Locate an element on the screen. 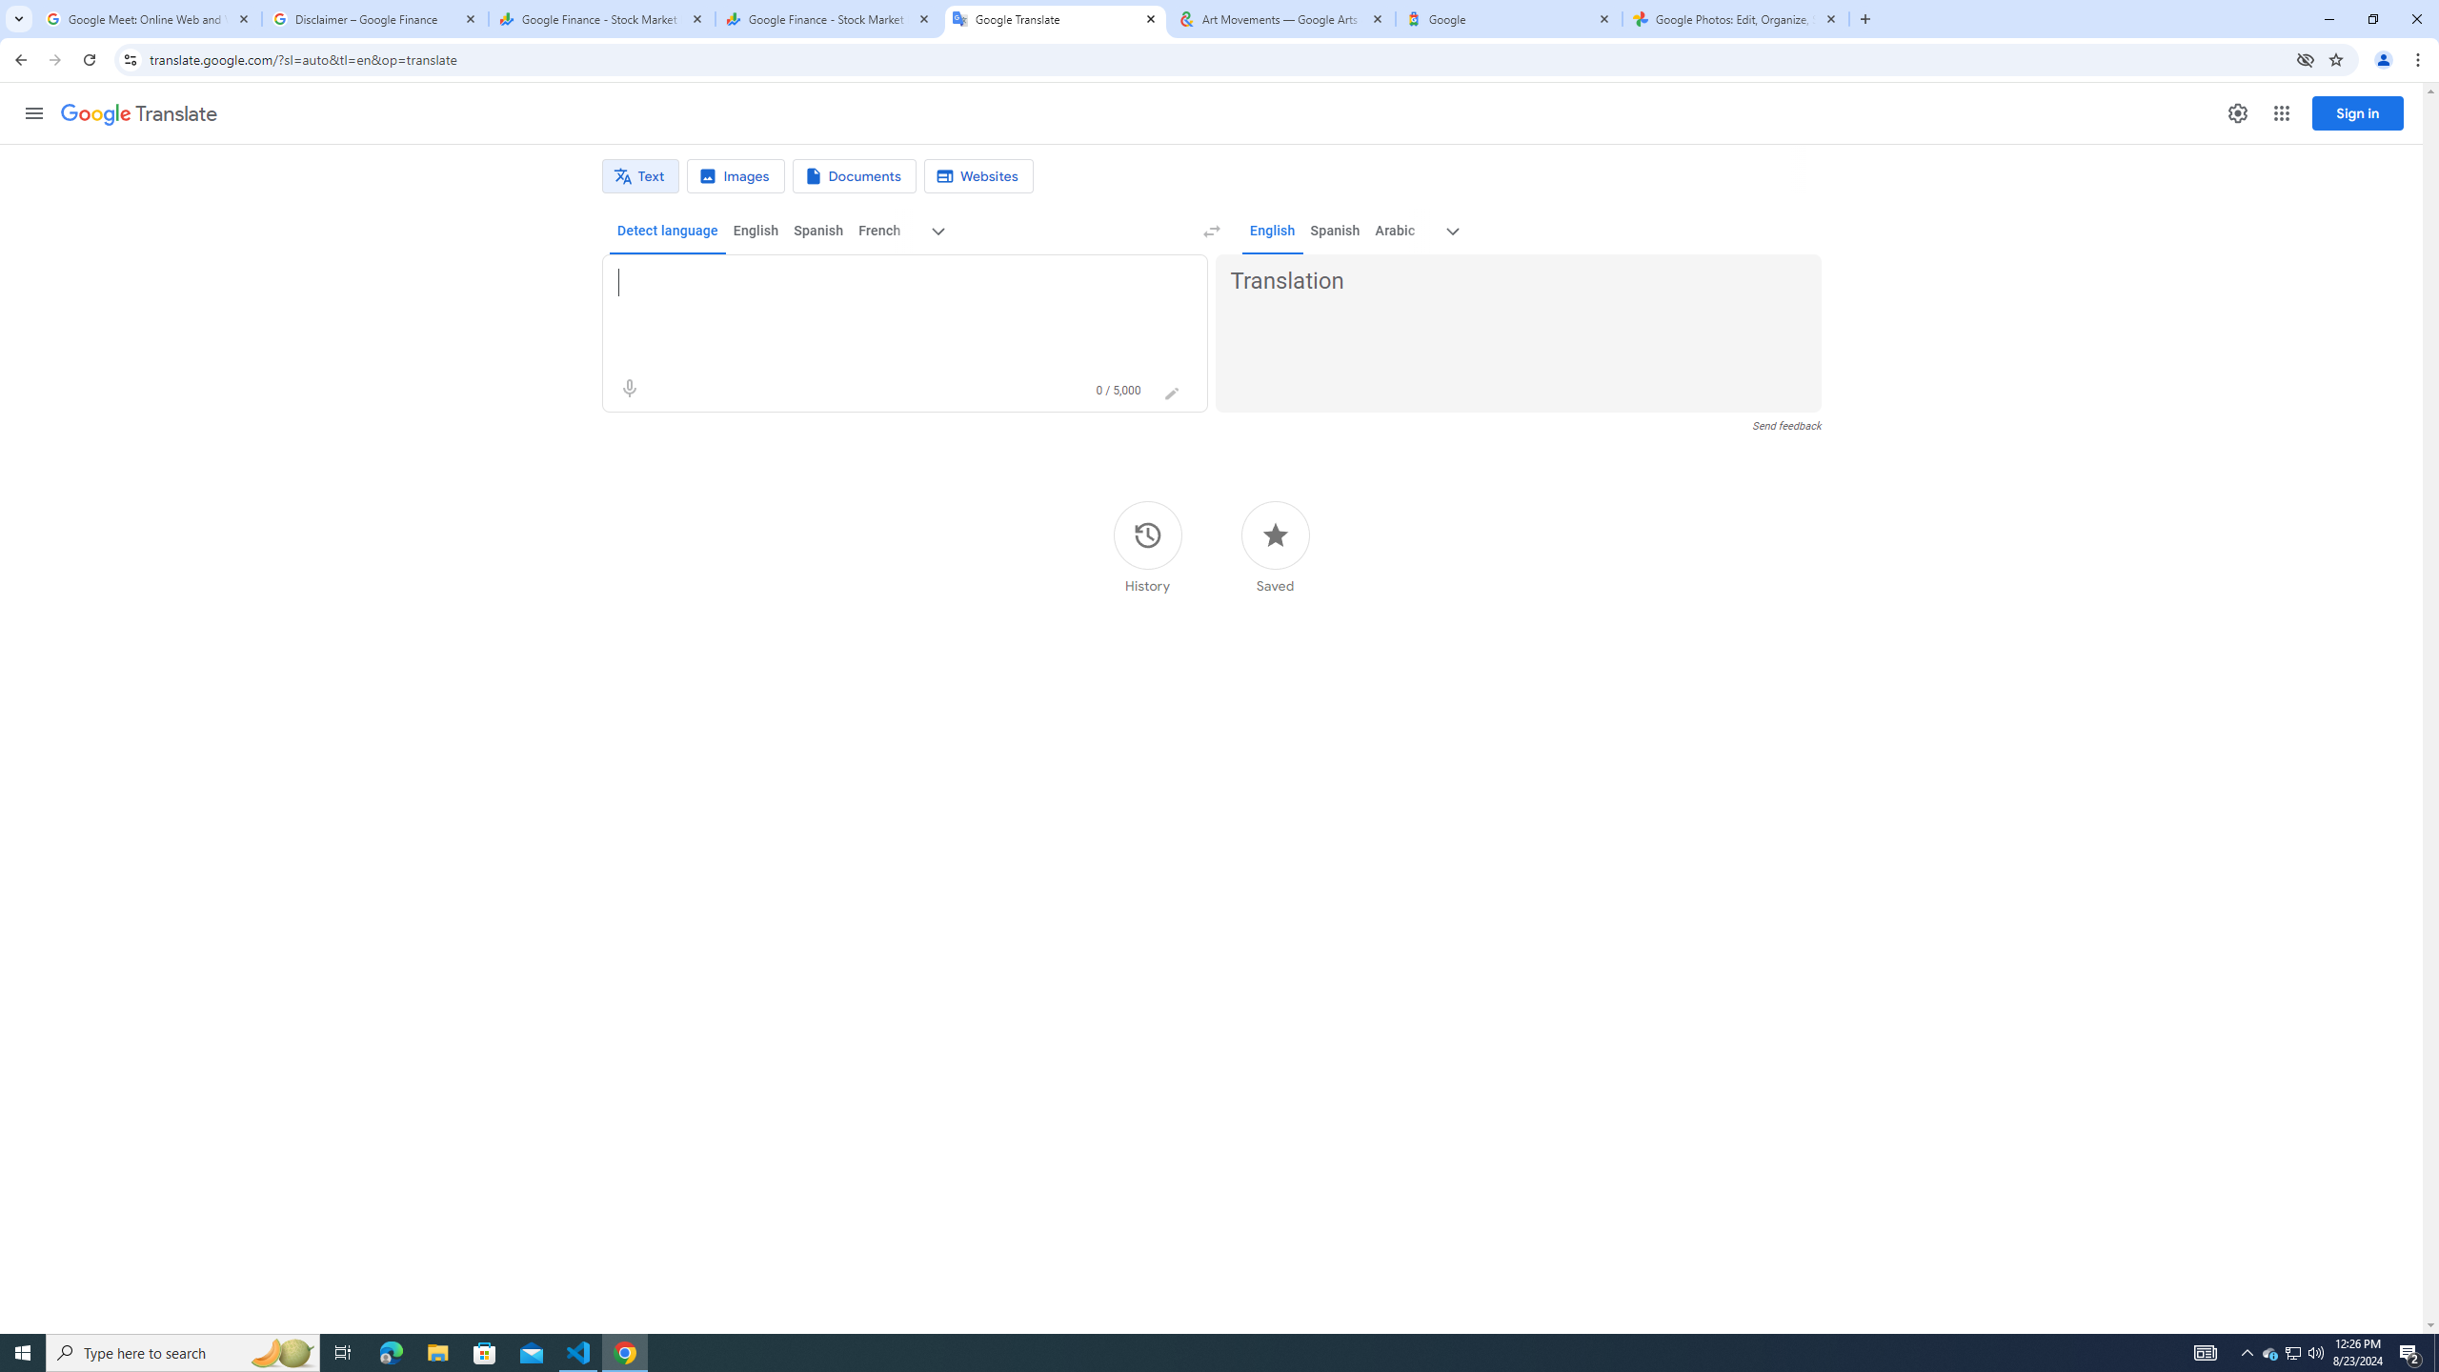  'Website translation' is located at coordinates (978, 175).